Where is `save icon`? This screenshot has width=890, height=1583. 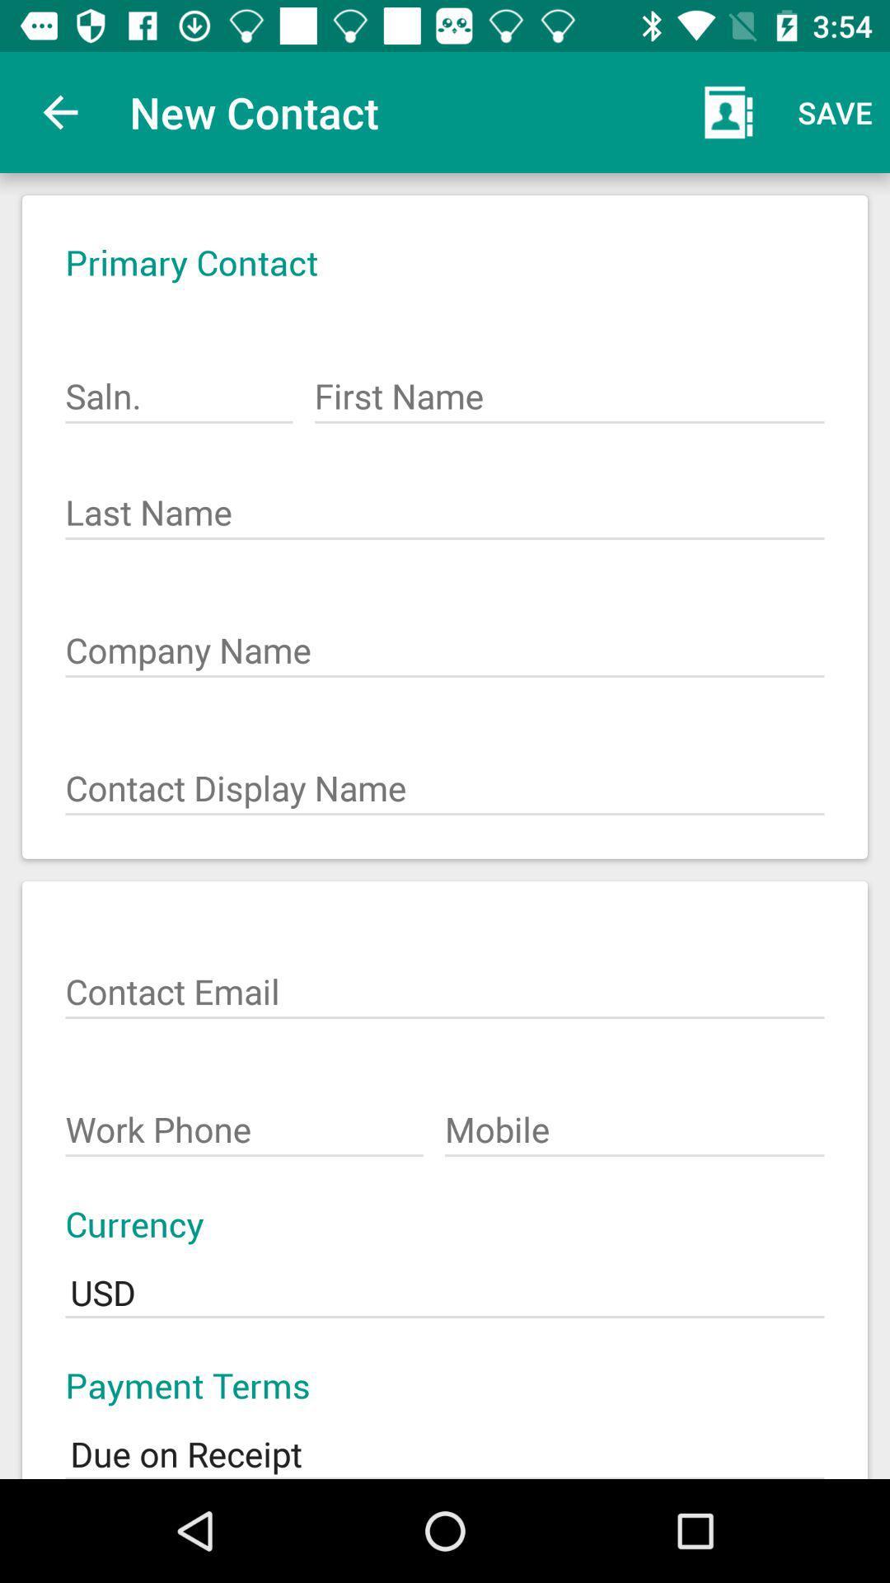 save icon is located at coordinates (835, 111).